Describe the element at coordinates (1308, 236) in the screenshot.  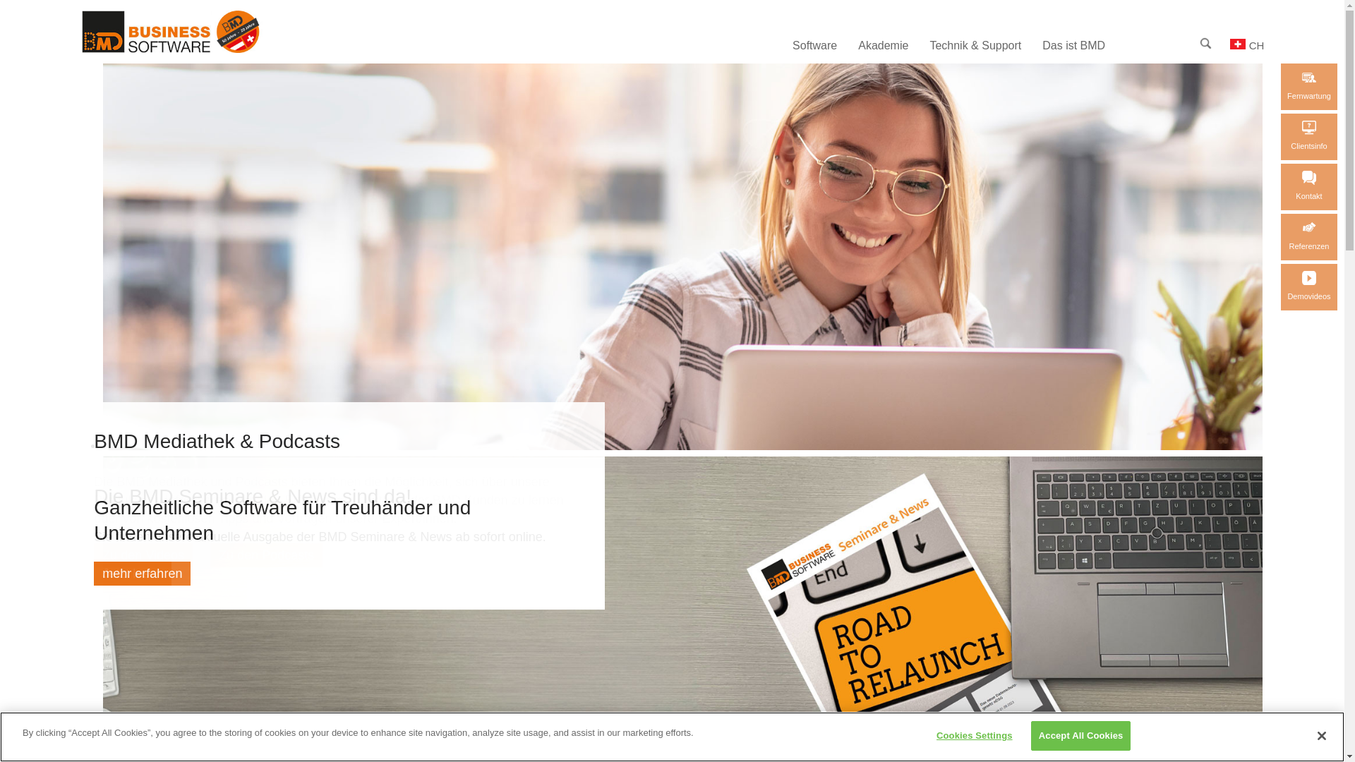
I see `'Referenzen'` at that location.